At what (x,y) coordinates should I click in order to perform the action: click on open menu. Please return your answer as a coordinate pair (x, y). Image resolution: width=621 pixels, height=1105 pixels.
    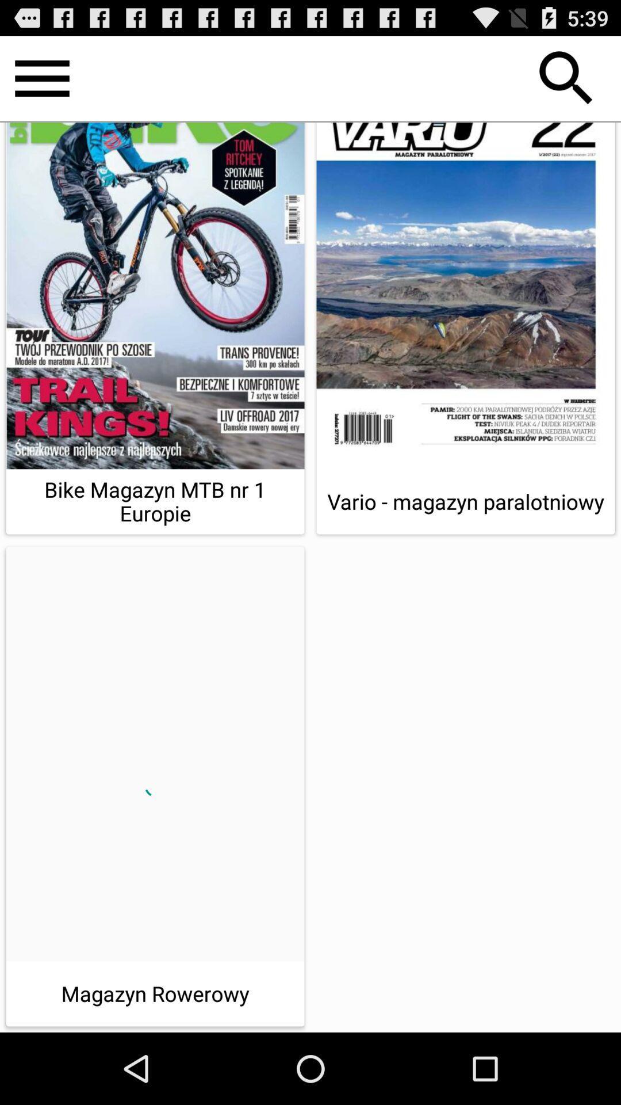
    Looking at the image, I should click on (41, 78).